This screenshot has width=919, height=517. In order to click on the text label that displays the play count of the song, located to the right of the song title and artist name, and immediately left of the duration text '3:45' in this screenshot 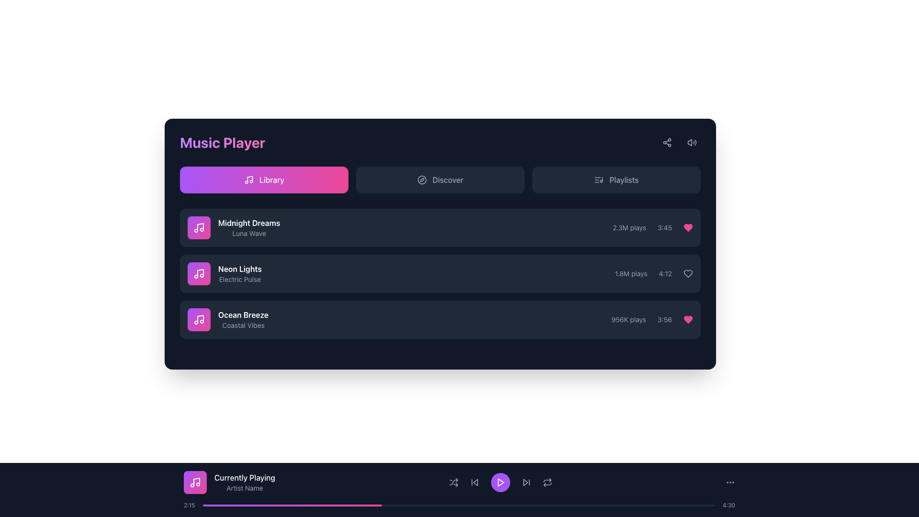, I will do `click(629, 227)`.